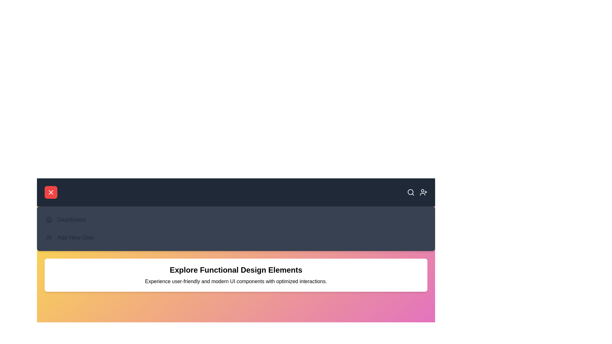  Describe the element at coordinates (50, 192) in the screenshot. I see `the menu button to toggle the menu visibility` at that location.